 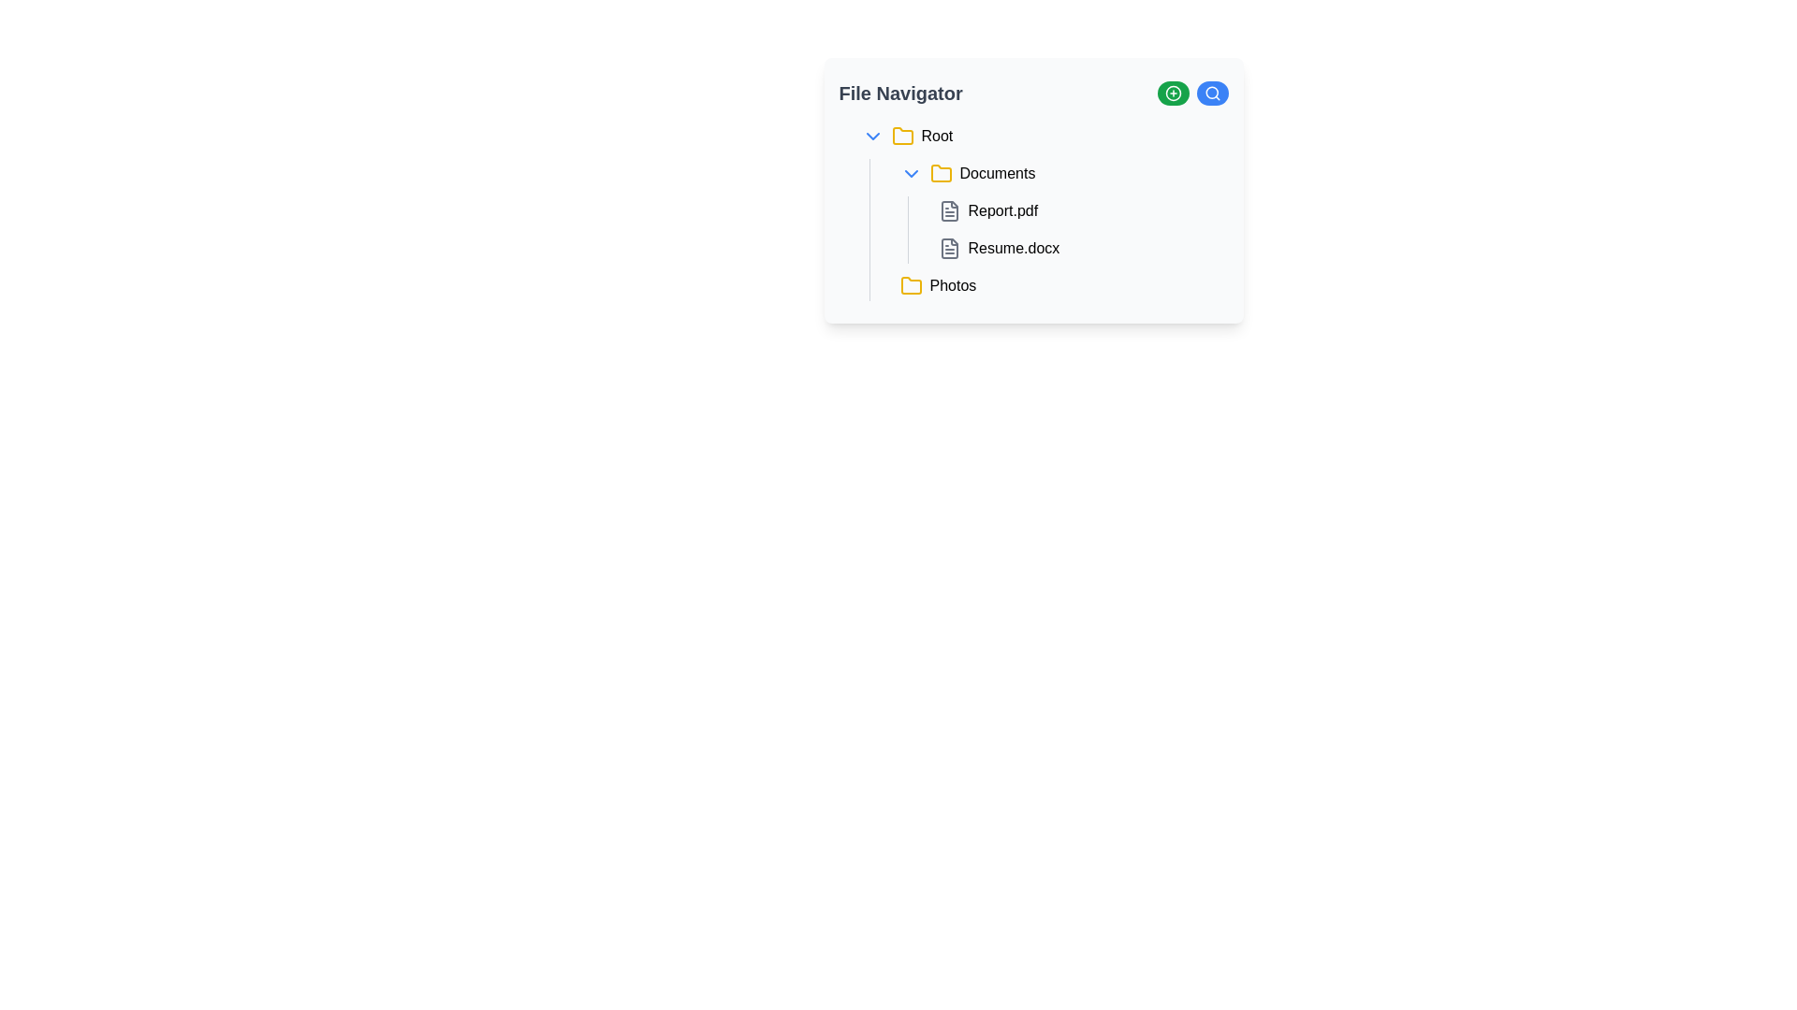 What do you see at coordinates (1172, 94) in the screenshot?
I see `the green circular button with a white plus symbol located at the top-right corner of the 'File Navigator' layout` at bounding box center [1172, 94].